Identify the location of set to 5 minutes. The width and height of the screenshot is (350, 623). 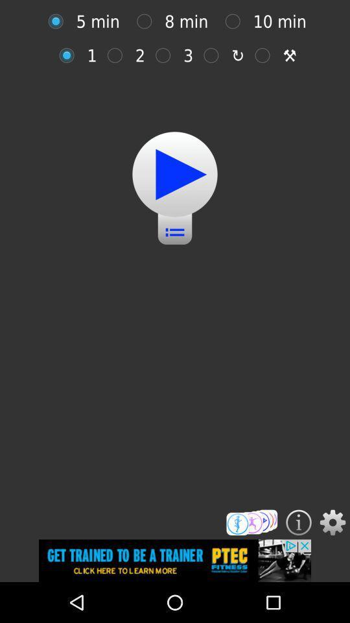
(58, 21).